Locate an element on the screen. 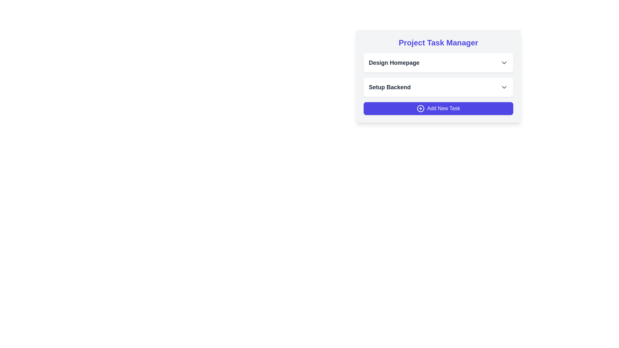  the 'Setup Backend' dropdown menu for keyboard navigation is located at coordinates (438, 87).